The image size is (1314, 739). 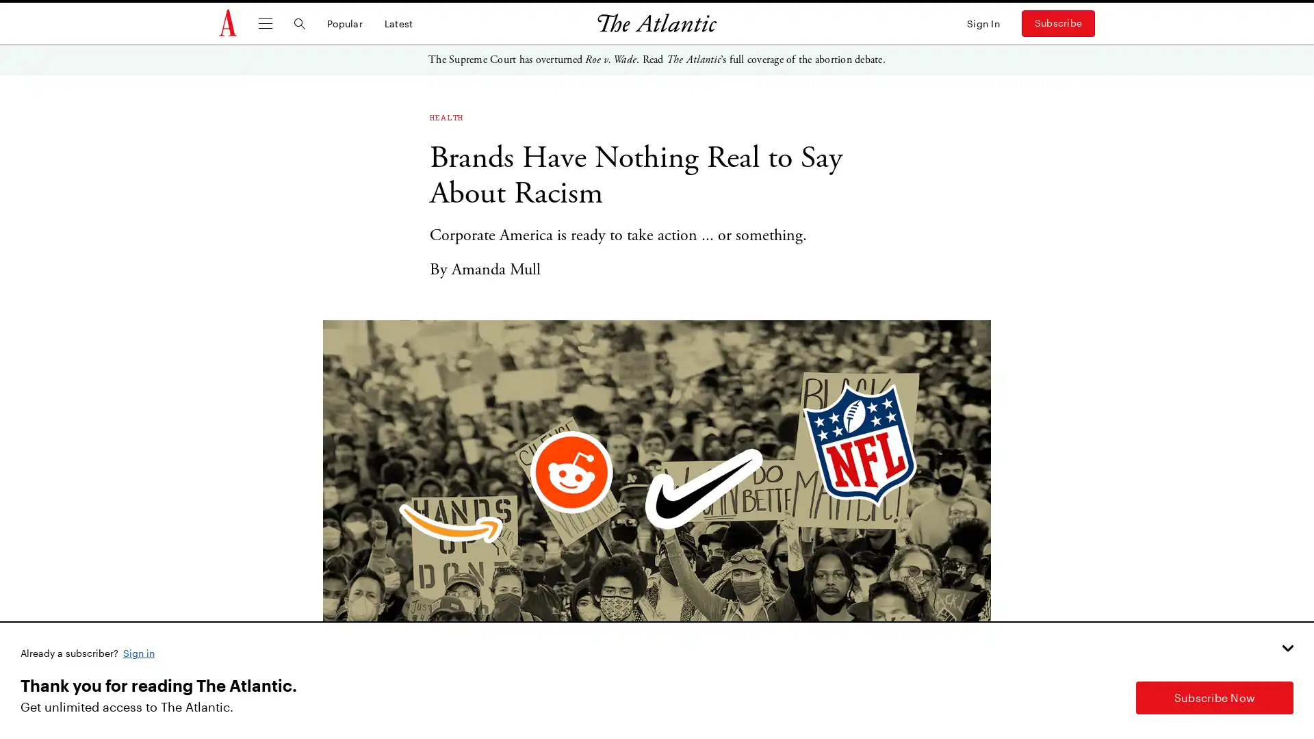 What do you see at coordinates (140, 651) in the screenshot?
I see `Sign in` at bounding box center [140, 651].